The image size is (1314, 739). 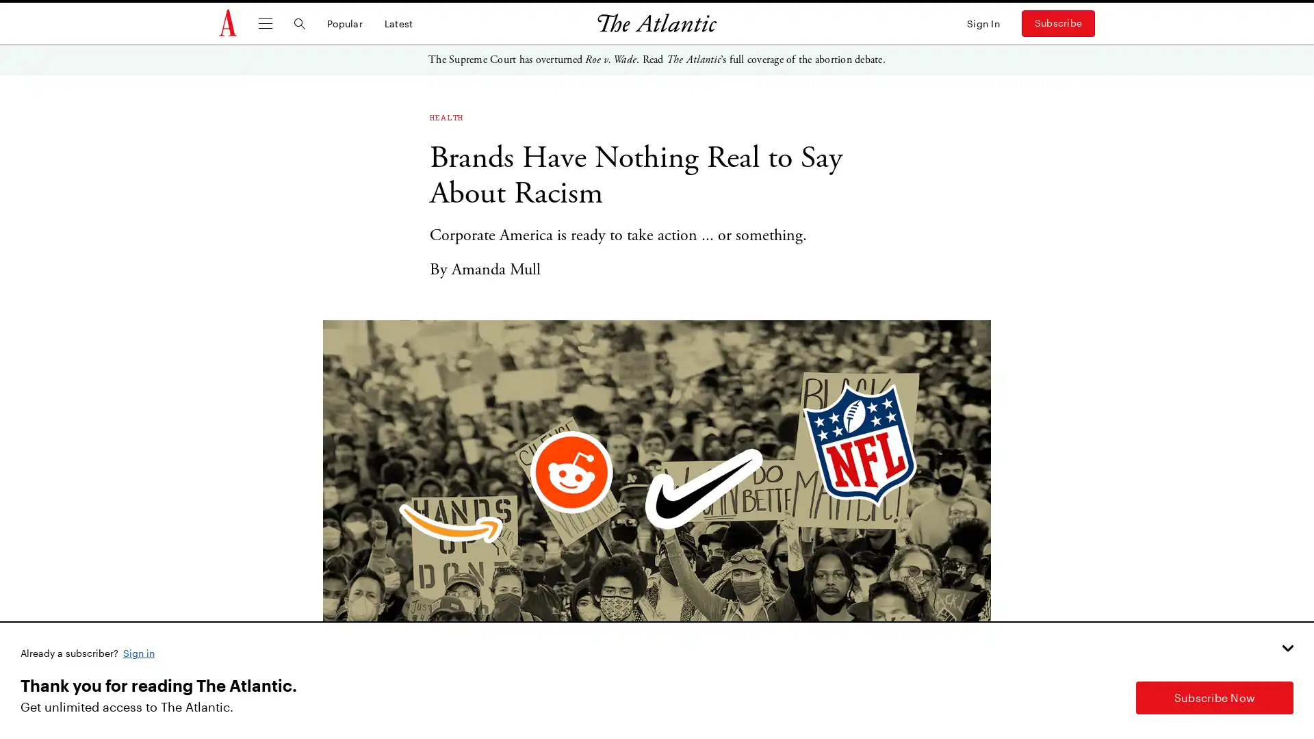 What do you see at coordinates (140, 651) in the screenshot?
I see `Sign in` at bounding box center [140, 651].